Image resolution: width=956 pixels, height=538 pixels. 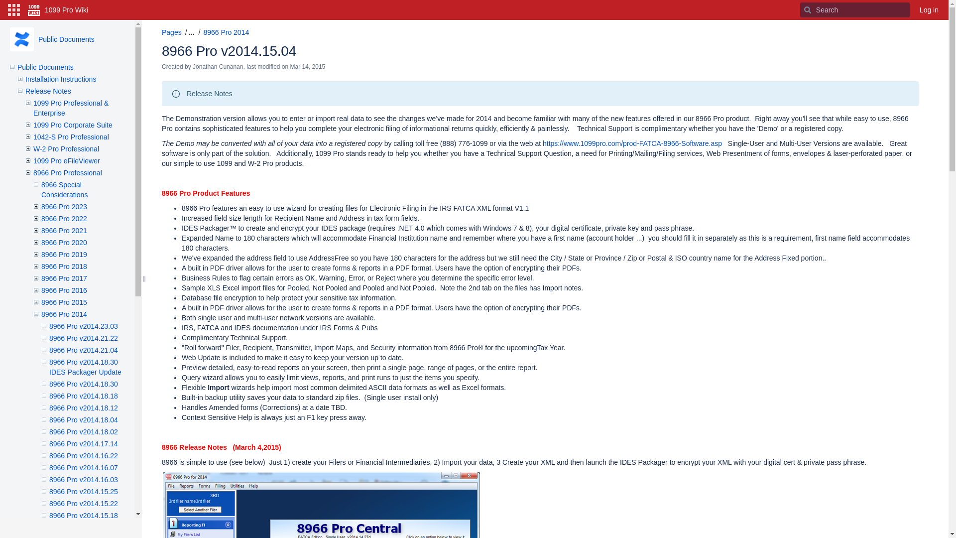 What do you see at coordinates (64, 218) in the screenshot?
I see `'8966 Pro 2022'` at bounding box center [64, 218].